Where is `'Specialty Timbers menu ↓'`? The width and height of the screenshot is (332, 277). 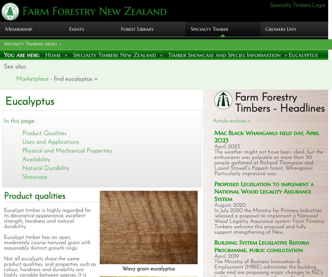
'Specialty Timbers menu ↓' is located at coordinates (33, 44).